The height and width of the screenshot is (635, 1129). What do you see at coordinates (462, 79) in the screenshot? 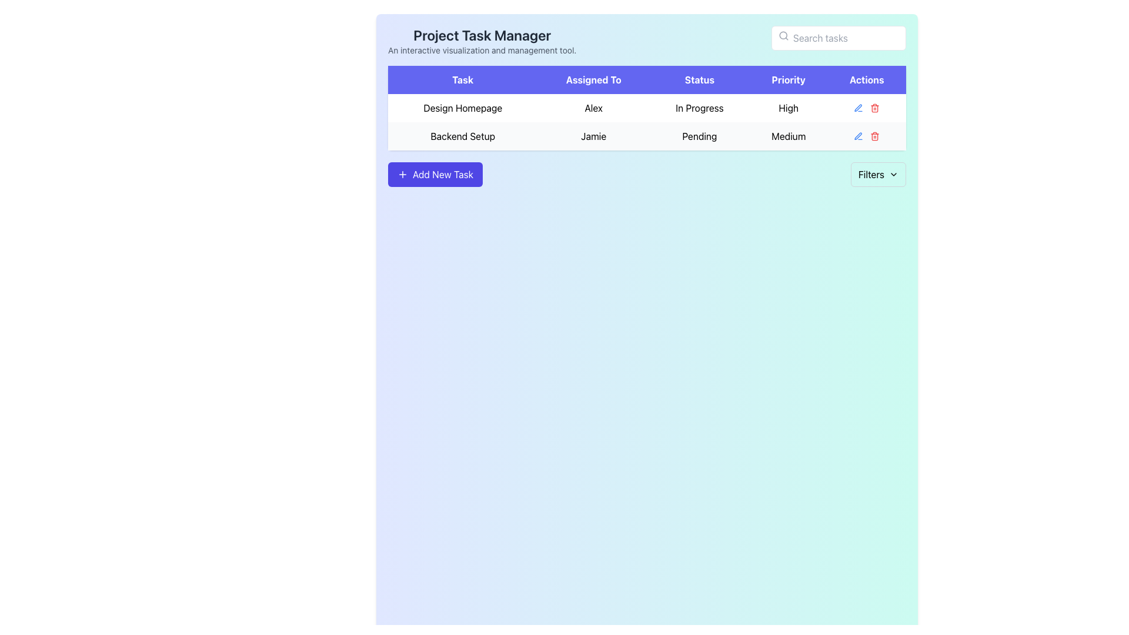
I see `the 'Task' header text label` at bounding box center [462, 79].